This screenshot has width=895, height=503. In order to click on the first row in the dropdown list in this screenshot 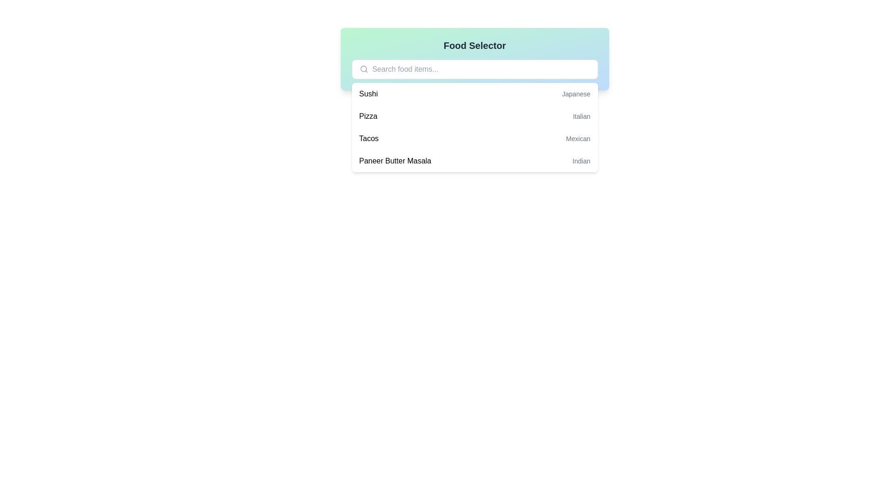, I will do `click(475, 94)`.